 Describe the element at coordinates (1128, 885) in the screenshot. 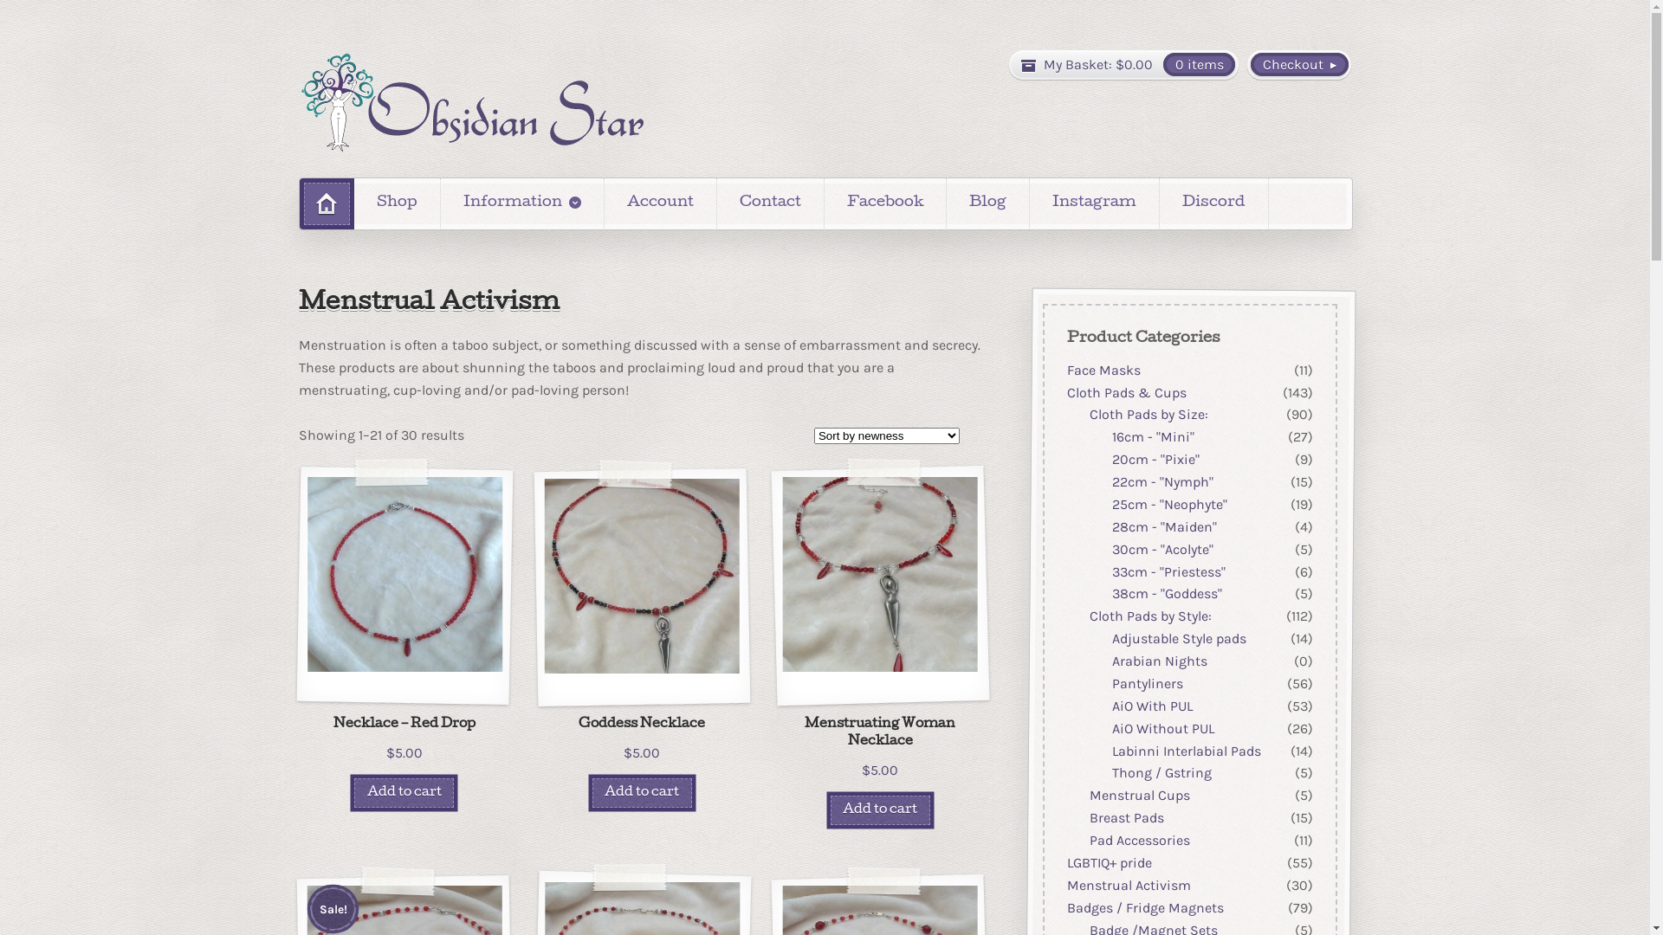

I see `'Menstrual Activism'` at that location.